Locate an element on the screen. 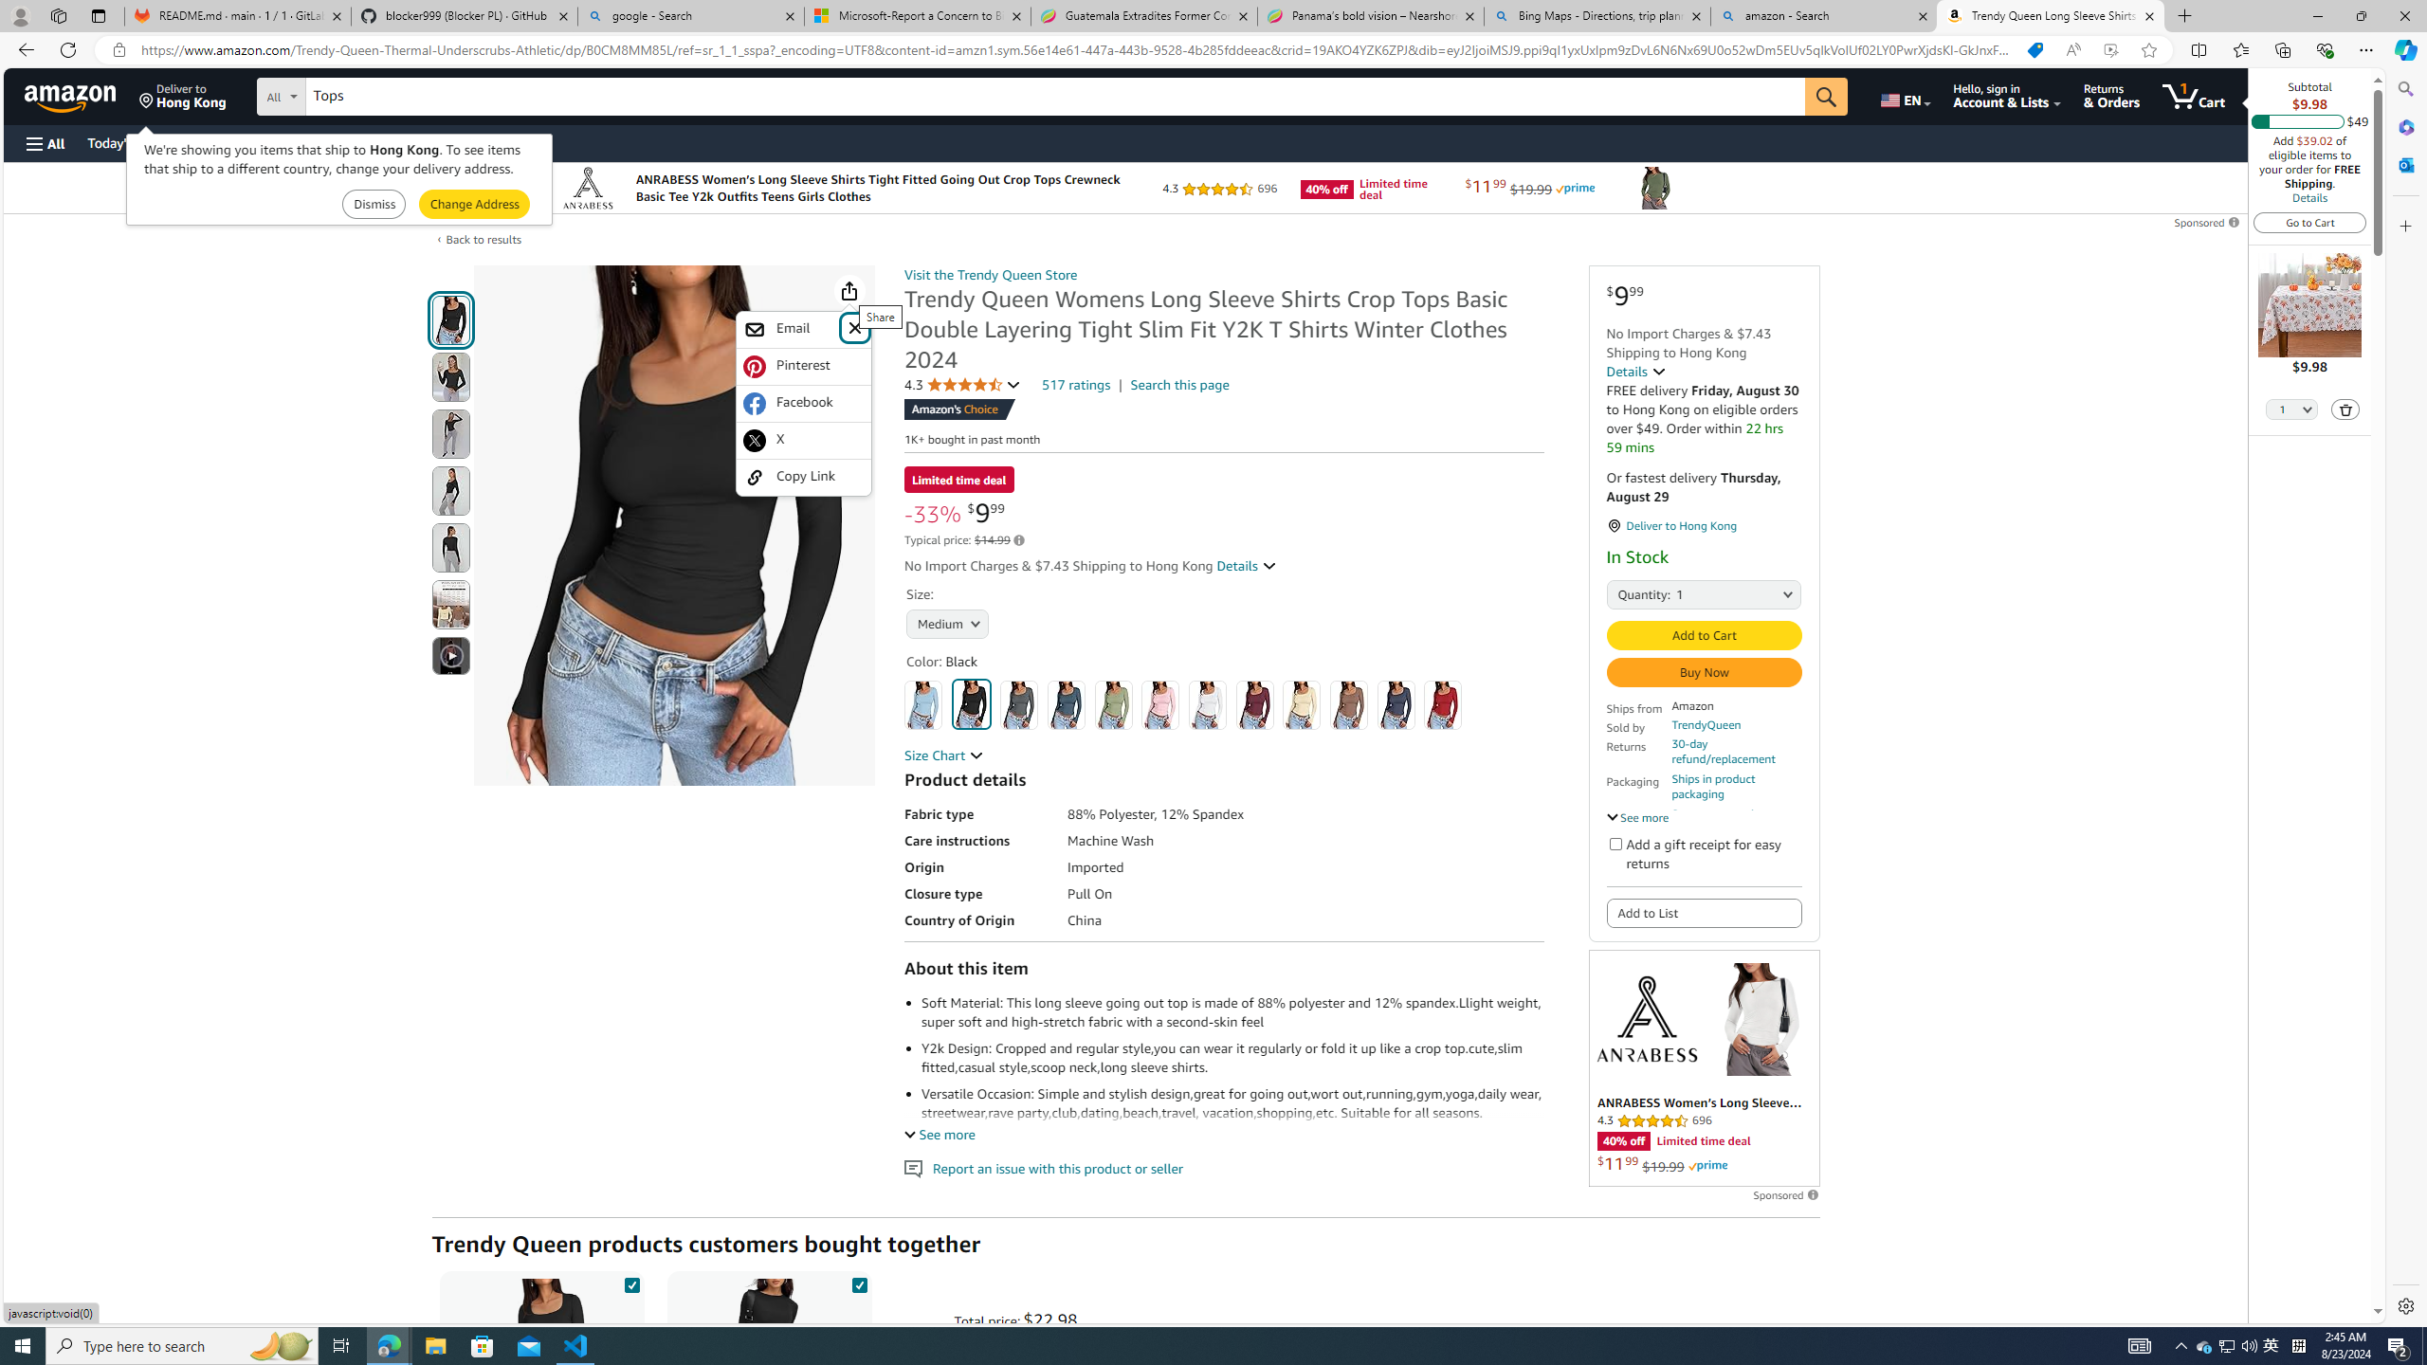 This screenshot has height=1365, width=2427. 'TrendyQueen' is located at coordinates (1706, 723).